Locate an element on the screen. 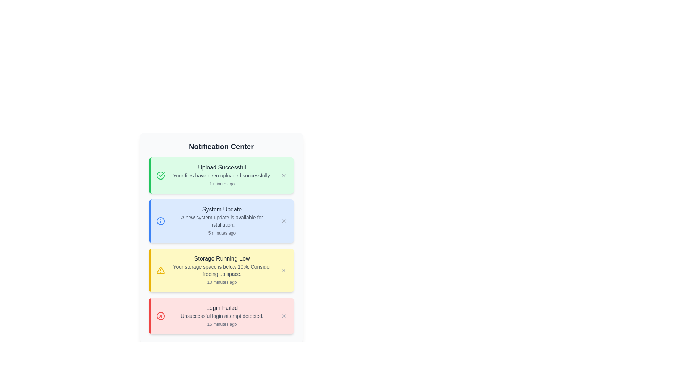 The width and height of the screenshot is (695, 391). the Text display component that shows the notification 'Login Failed' with the description 'Unsuccessful login attempt detected' and a timestamp '15 minutes ago' is located at coordinates (222, 315).